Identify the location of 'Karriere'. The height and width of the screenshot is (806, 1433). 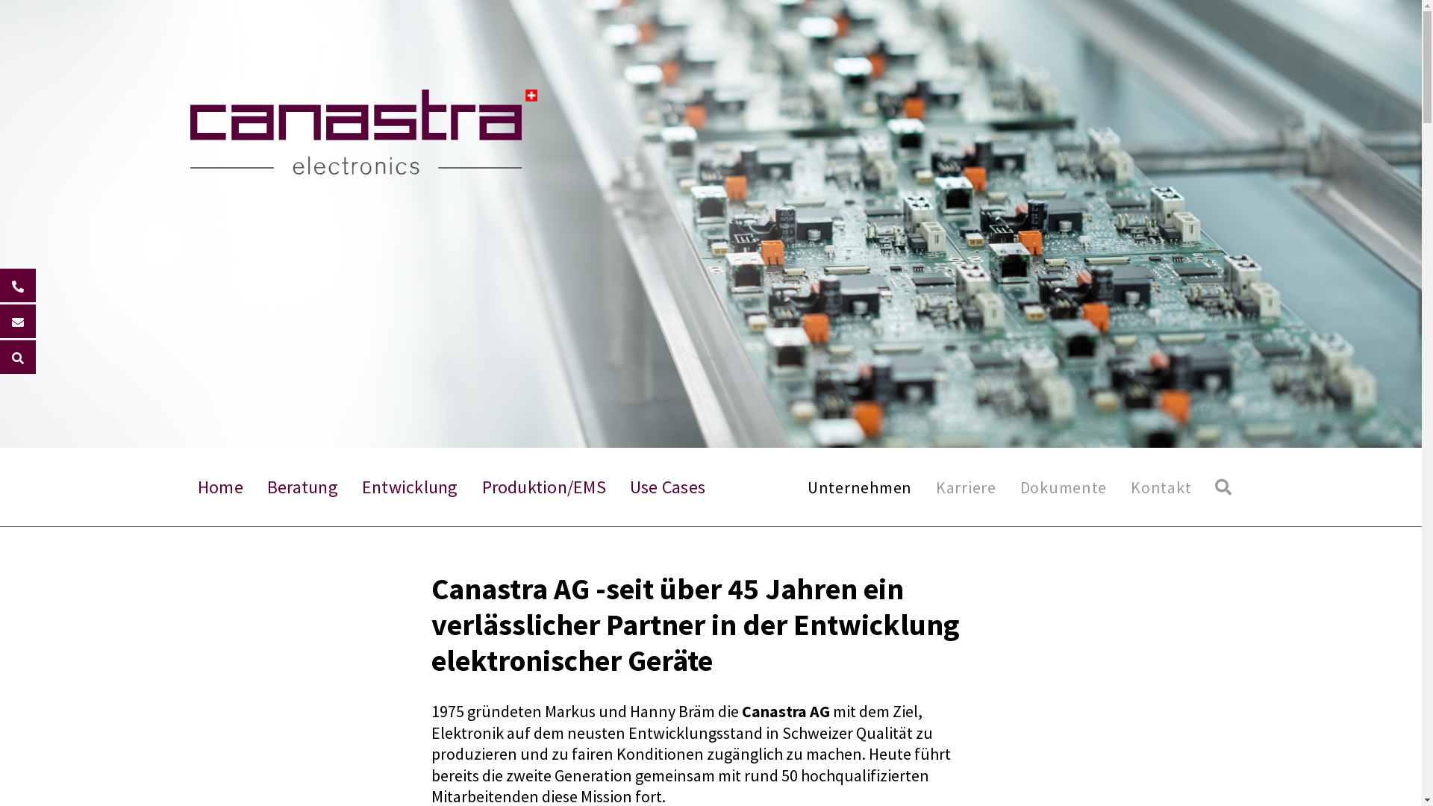
(934, 487).